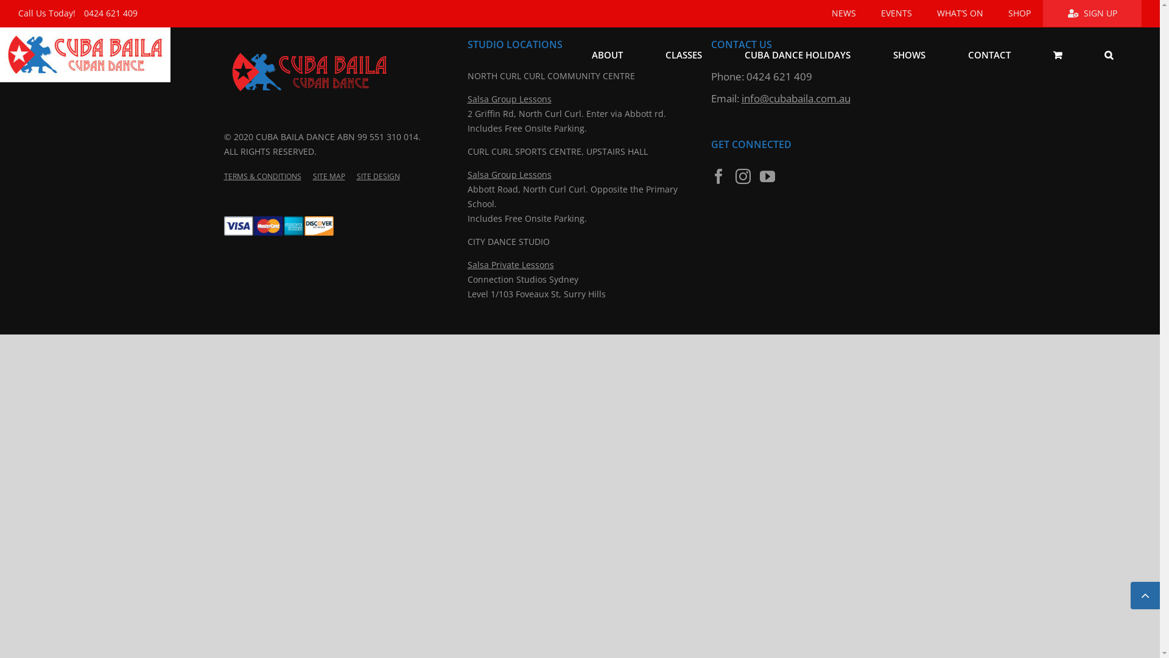 The height and width of the screenshot is (658, 1169). What do you see at coordinates (607, 54) in the screenshot?
I see `'ABOUT'` at bounding box center [607, 54].